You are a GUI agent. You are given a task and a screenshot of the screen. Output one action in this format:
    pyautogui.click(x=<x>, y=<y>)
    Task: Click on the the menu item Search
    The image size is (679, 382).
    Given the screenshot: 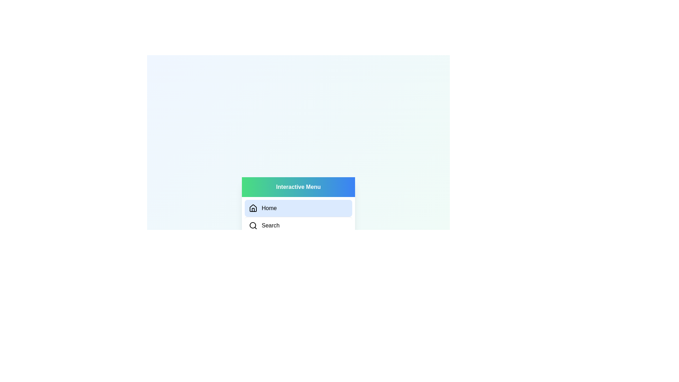 What is the action you would take?
    pyautogui.click(x=298, y=225)
    